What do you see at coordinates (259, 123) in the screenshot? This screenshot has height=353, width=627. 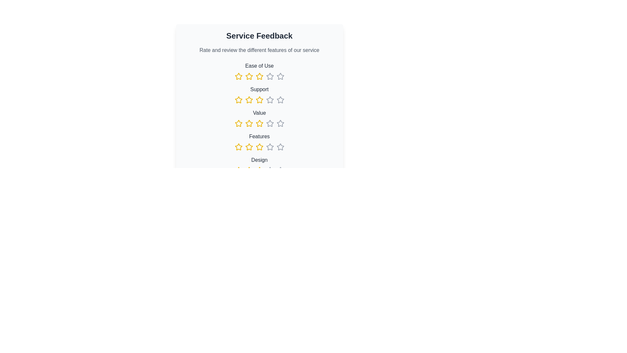 I see `the third star` at bounding box center [259, 123].